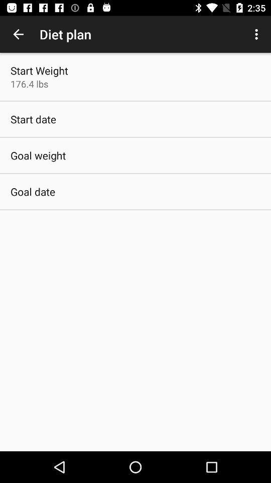  I want to click on goal date item, so click(33, 191).